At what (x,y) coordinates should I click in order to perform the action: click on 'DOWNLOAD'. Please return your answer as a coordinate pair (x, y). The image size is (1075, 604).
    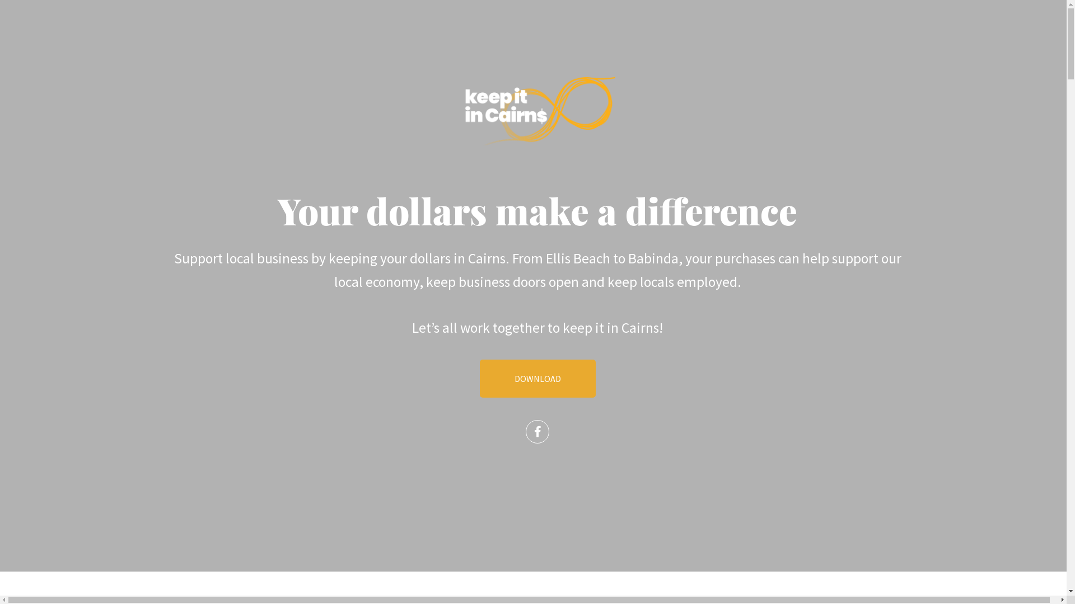
    Looking at the image, I should click on (536, 378).